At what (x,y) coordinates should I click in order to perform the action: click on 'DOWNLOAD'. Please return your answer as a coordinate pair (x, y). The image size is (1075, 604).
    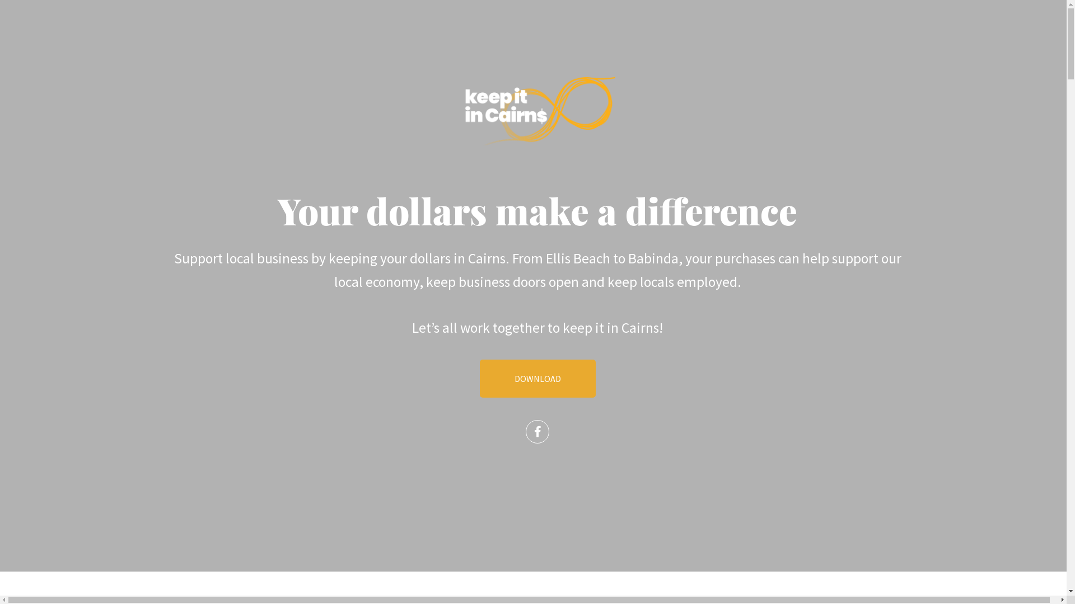
    Looking at the image, I should click on (536, 378).